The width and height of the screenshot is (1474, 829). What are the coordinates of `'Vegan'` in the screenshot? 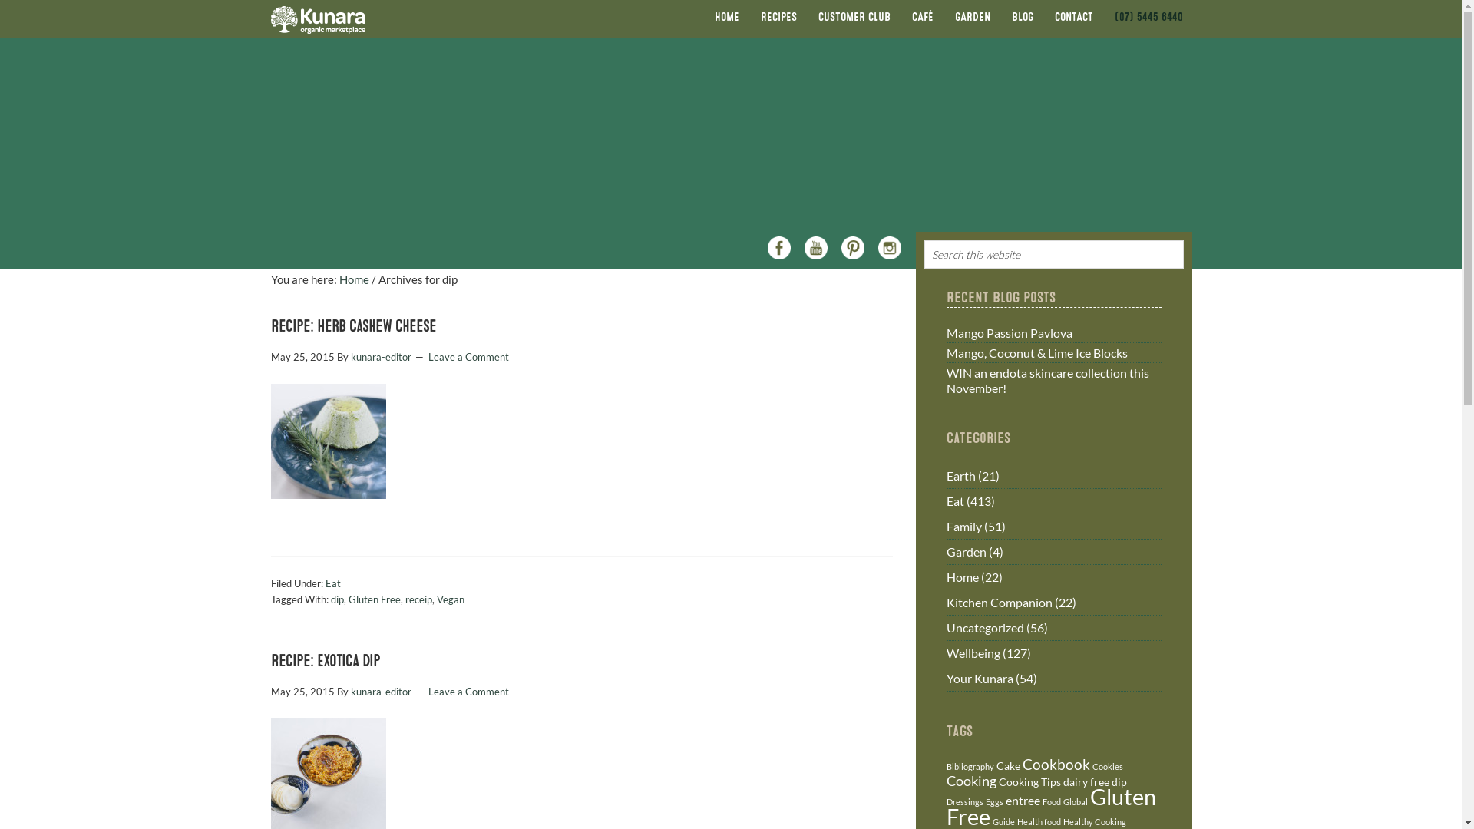 It's located at (448, 598).